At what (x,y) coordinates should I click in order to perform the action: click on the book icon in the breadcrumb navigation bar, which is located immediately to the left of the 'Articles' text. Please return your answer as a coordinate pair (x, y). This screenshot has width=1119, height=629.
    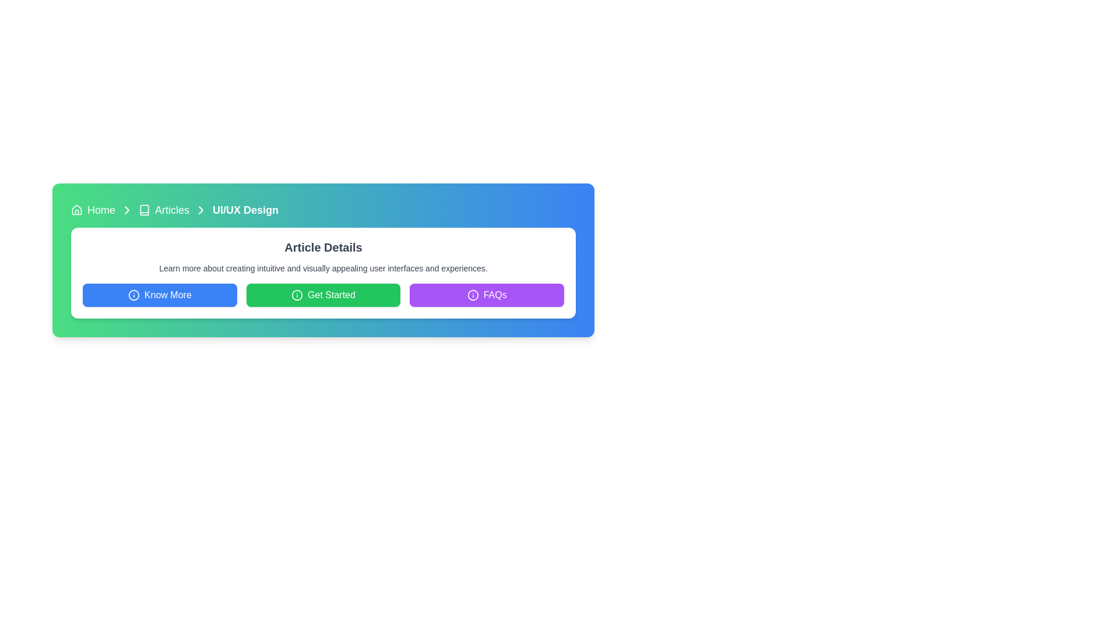
    Looking at the image, I should click on (144, 210).